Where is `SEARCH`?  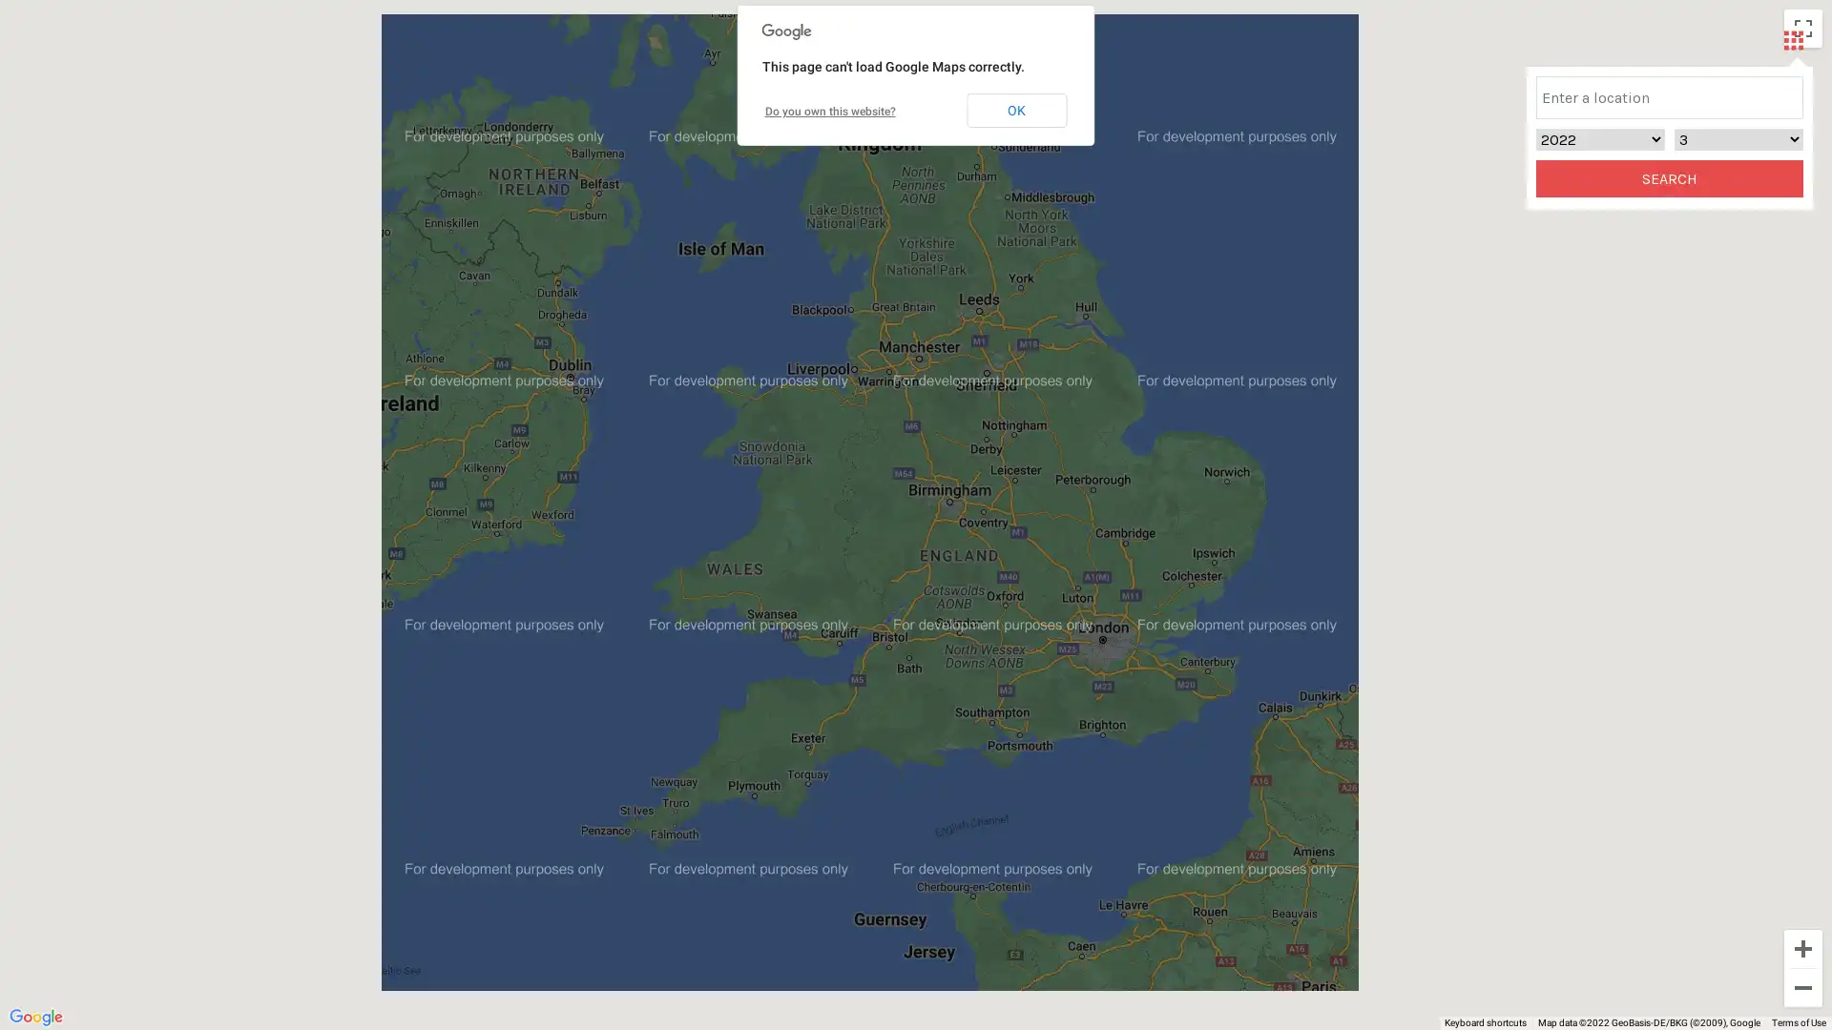
SEARCH is located at coordinates (1669, 178).